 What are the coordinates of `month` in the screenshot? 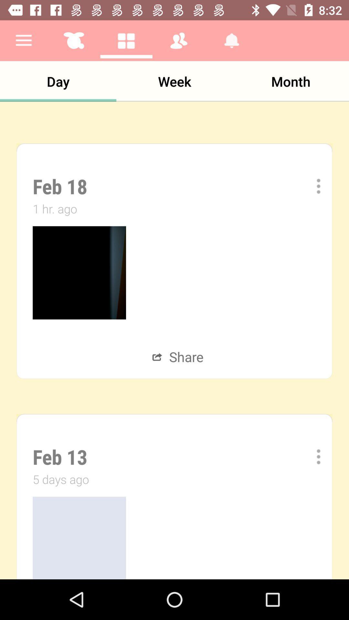 It's located at (290, 81).